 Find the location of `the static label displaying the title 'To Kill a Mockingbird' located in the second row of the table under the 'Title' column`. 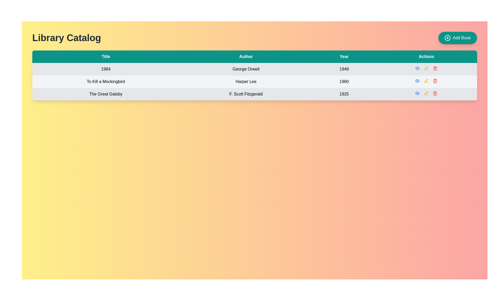

the static label displaying the title 'To Kill a Mockingbird' located in the second row of the table under the 'Title' column is located at coordinates (105, 81).